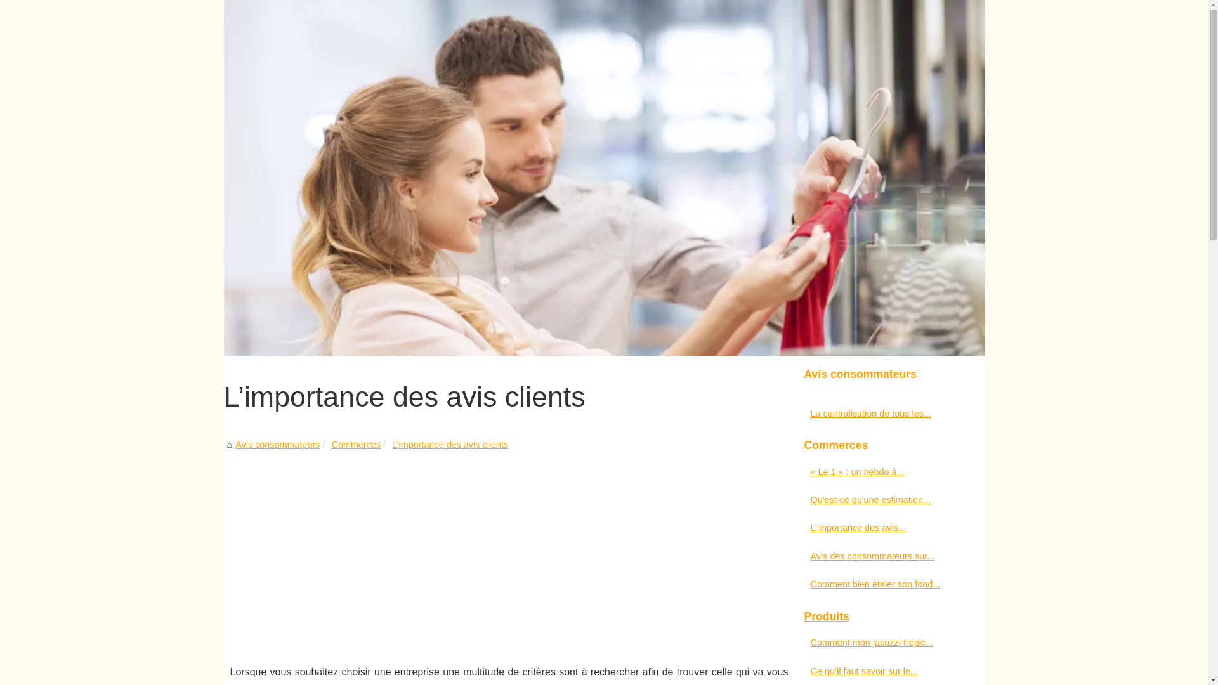 The image size is (1218, 685). What do you see at coordinates (882, 499) in the screenshot?
I see `'Qu'est-ce qu'une estimation...'` at bounding box center [882, 499].